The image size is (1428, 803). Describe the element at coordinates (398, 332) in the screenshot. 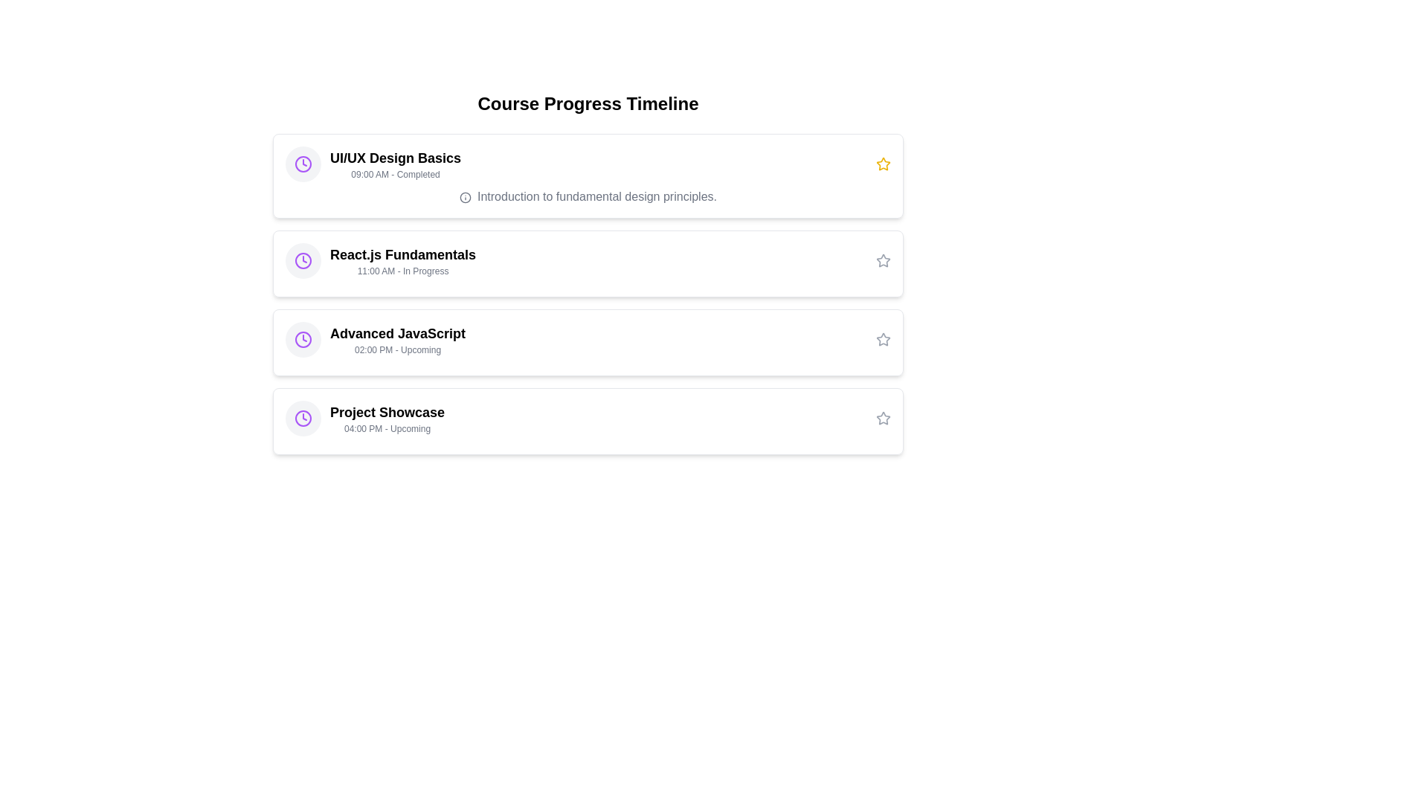

I see `text of the 'Advanced JavaScript' title label, which is the prominent title of the third item in the list` at that location.